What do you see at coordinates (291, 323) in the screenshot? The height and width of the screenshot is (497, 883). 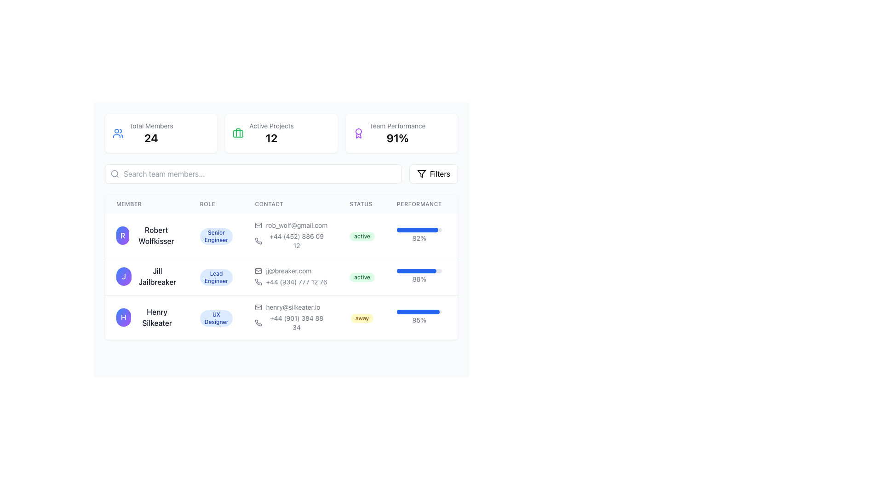 I see `the phone number text display, which is styled in a small gray font and located below the email address 'henry@silkeater.io', part of a table listing contact information, positioned to the right of a phone icon` at bounding box center [291, 323].